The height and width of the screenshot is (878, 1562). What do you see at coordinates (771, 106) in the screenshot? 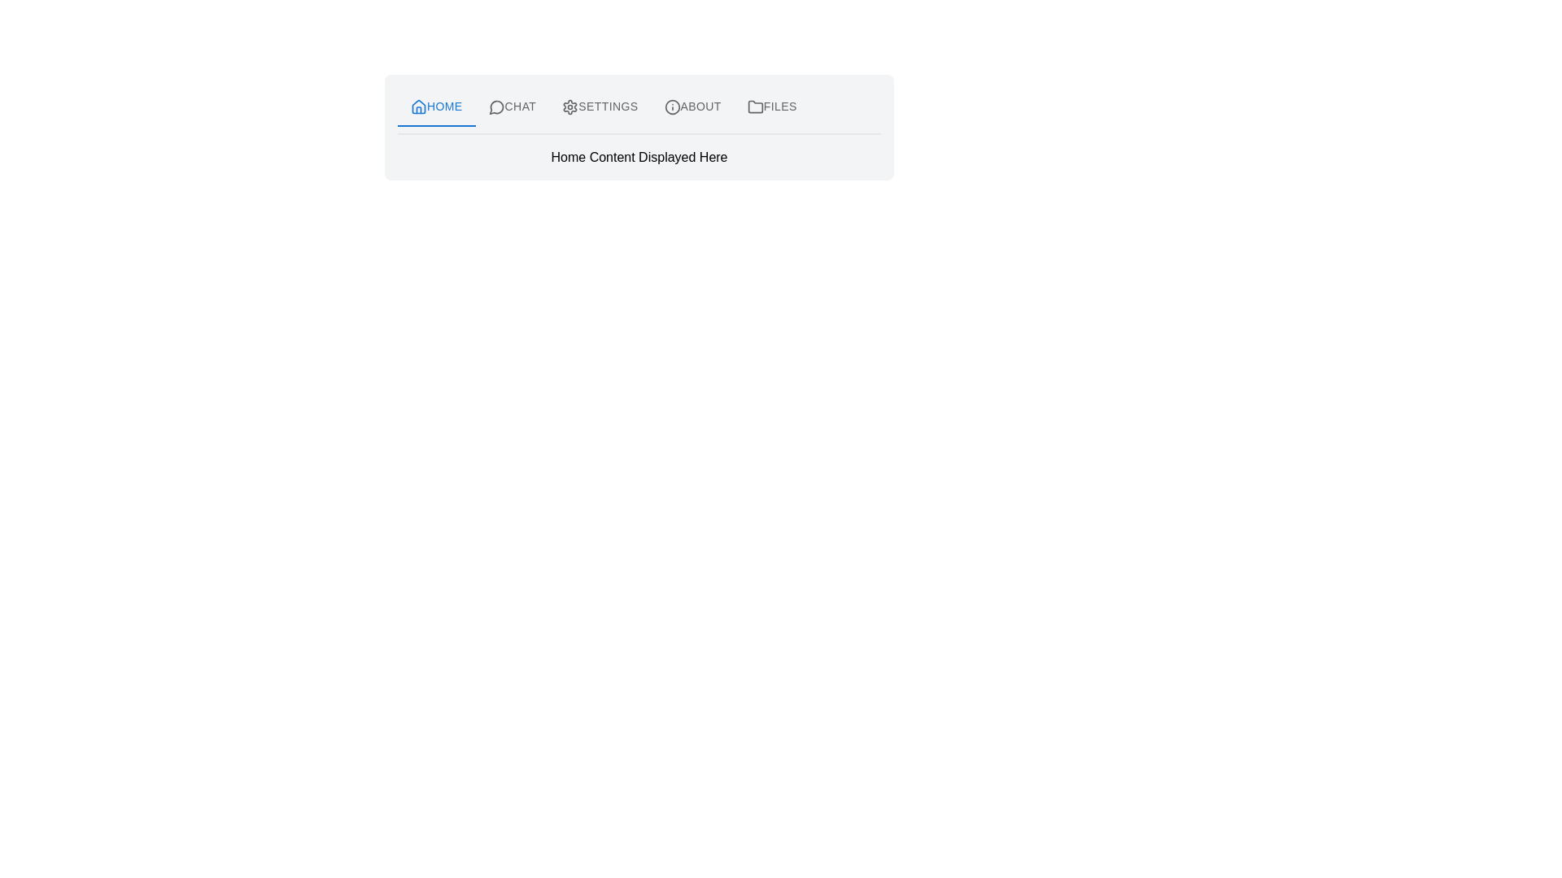
I see `the 'Files' tab item in the navigation bar, which features a folder icon and the label 'Files' in a sans-serif font` at bounding box center [771, 106].